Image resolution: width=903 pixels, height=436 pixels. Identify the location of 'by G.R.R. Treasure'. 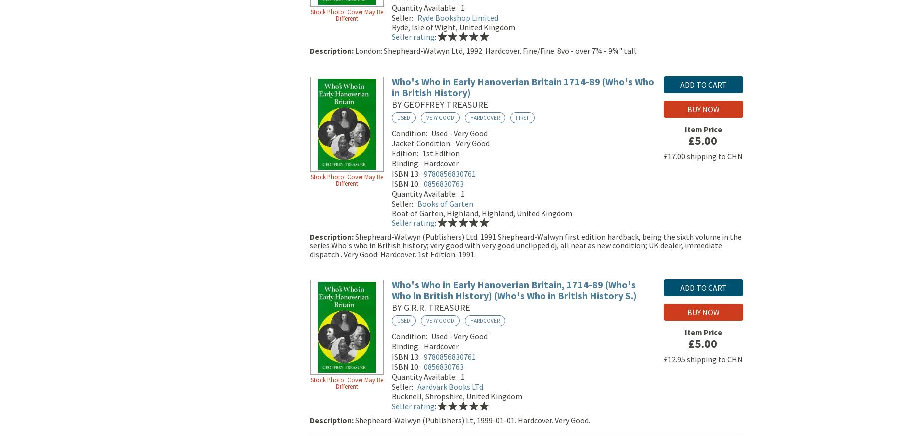
(391, 309).